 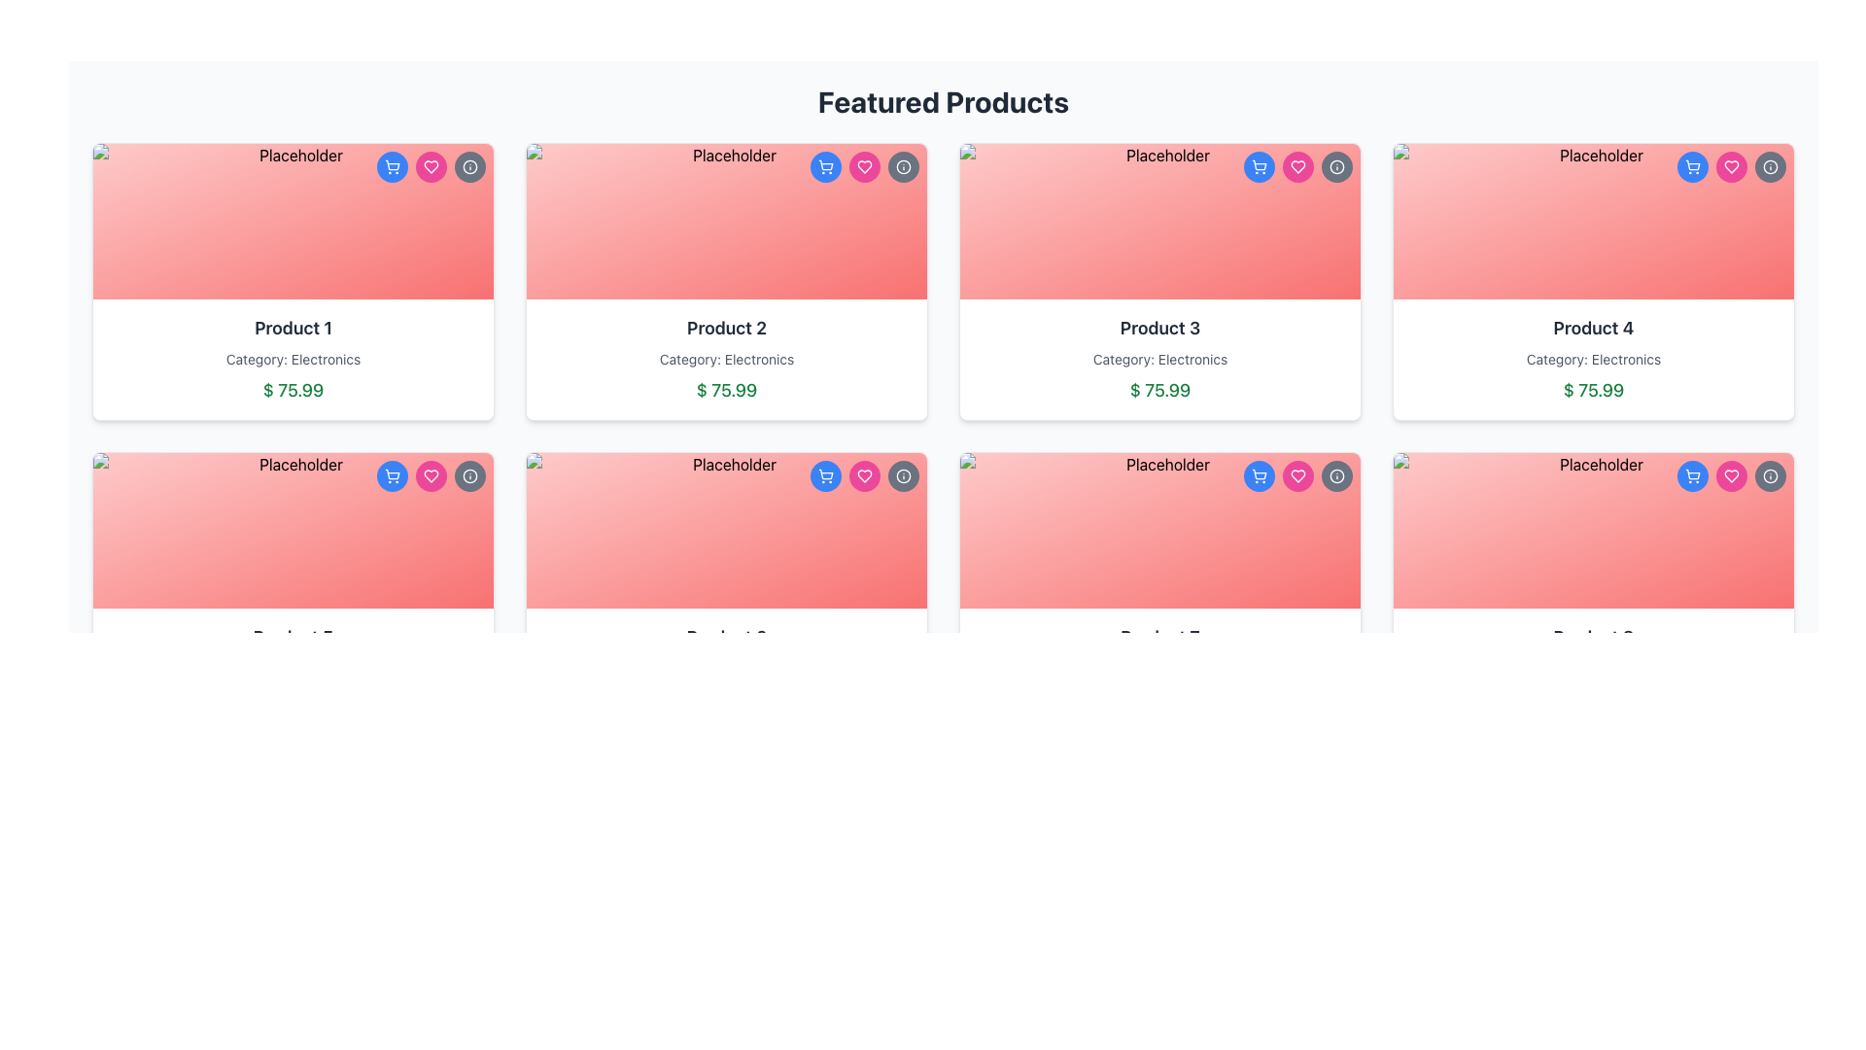 What do you see at coordinates (293, 360) in the screenshot?
I see `text label indicating the product classification as 'Electronics', which is positioned below the title 'Product 1' and above the price '$ 75.99' in the product card` at bounding box center [293, 360].